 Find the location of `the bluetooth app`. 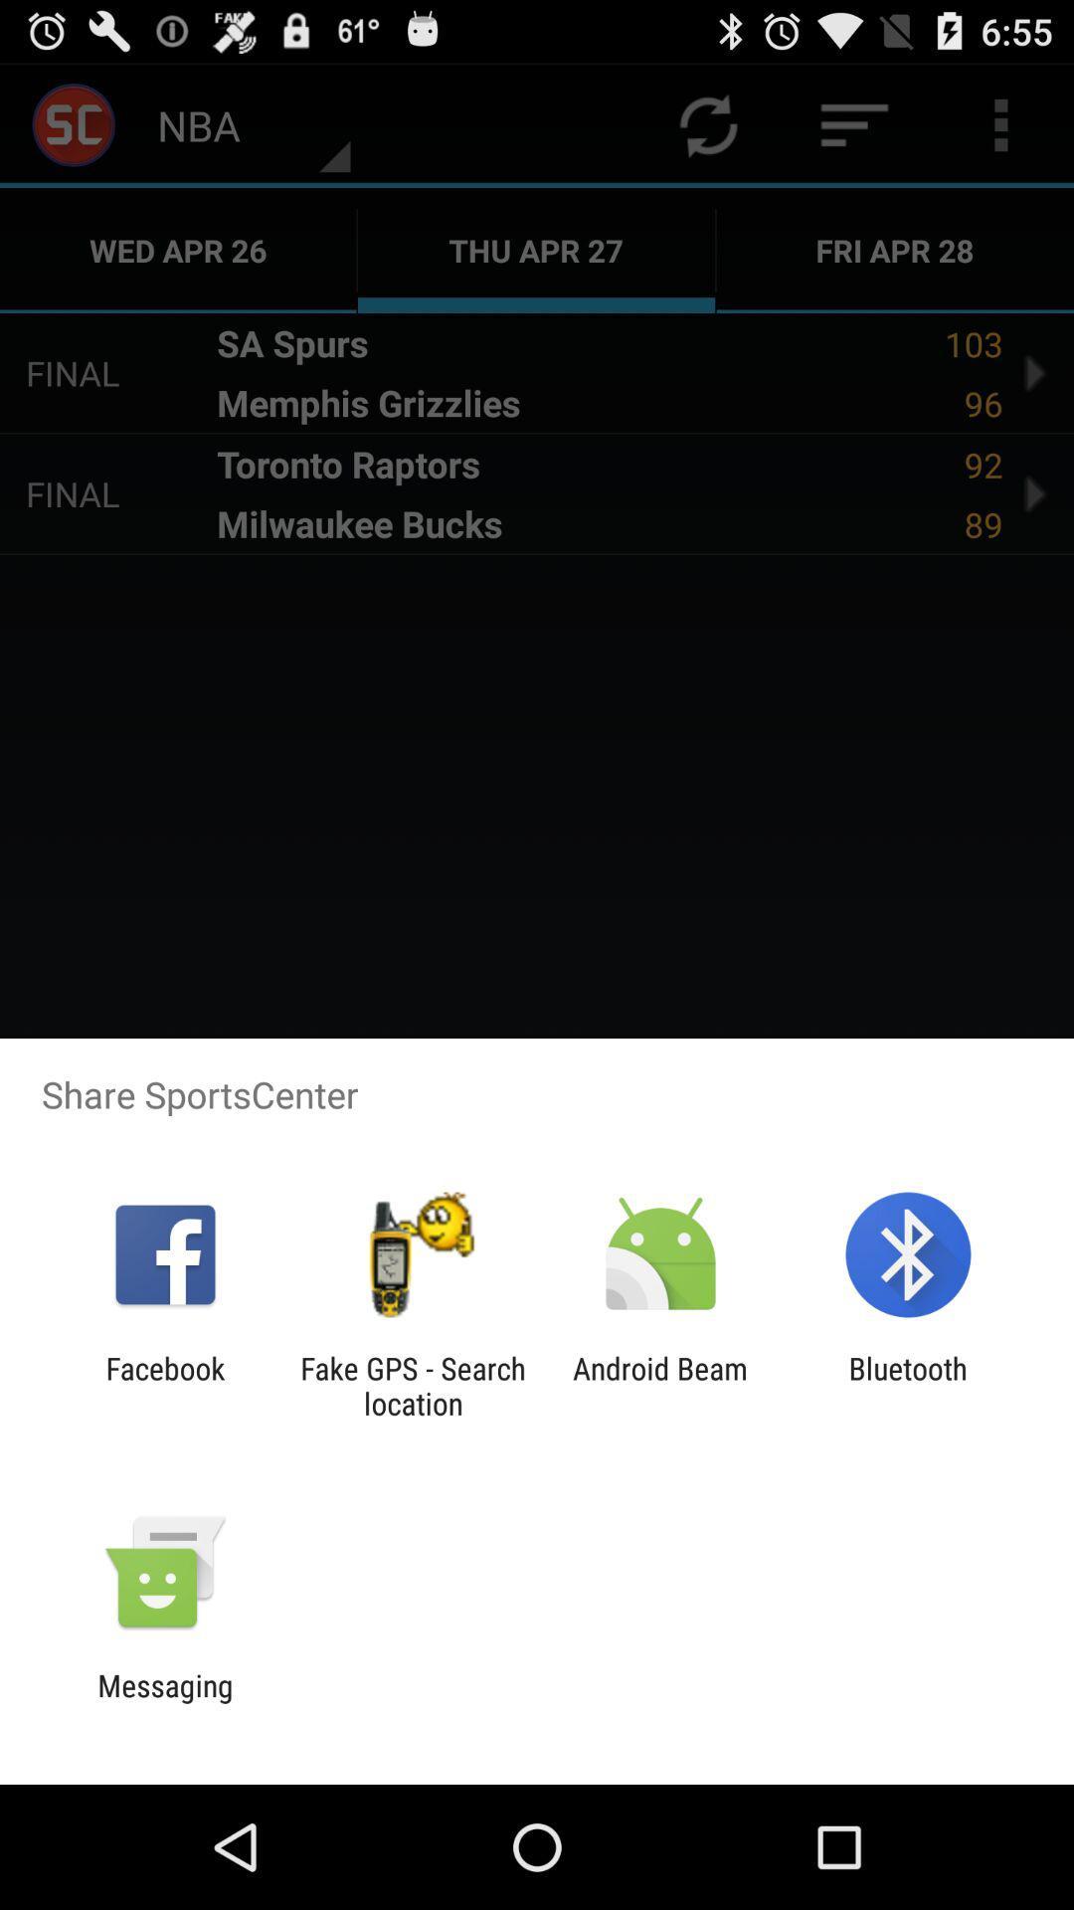

the bluetooth app is located at coordinates (908, 1385).